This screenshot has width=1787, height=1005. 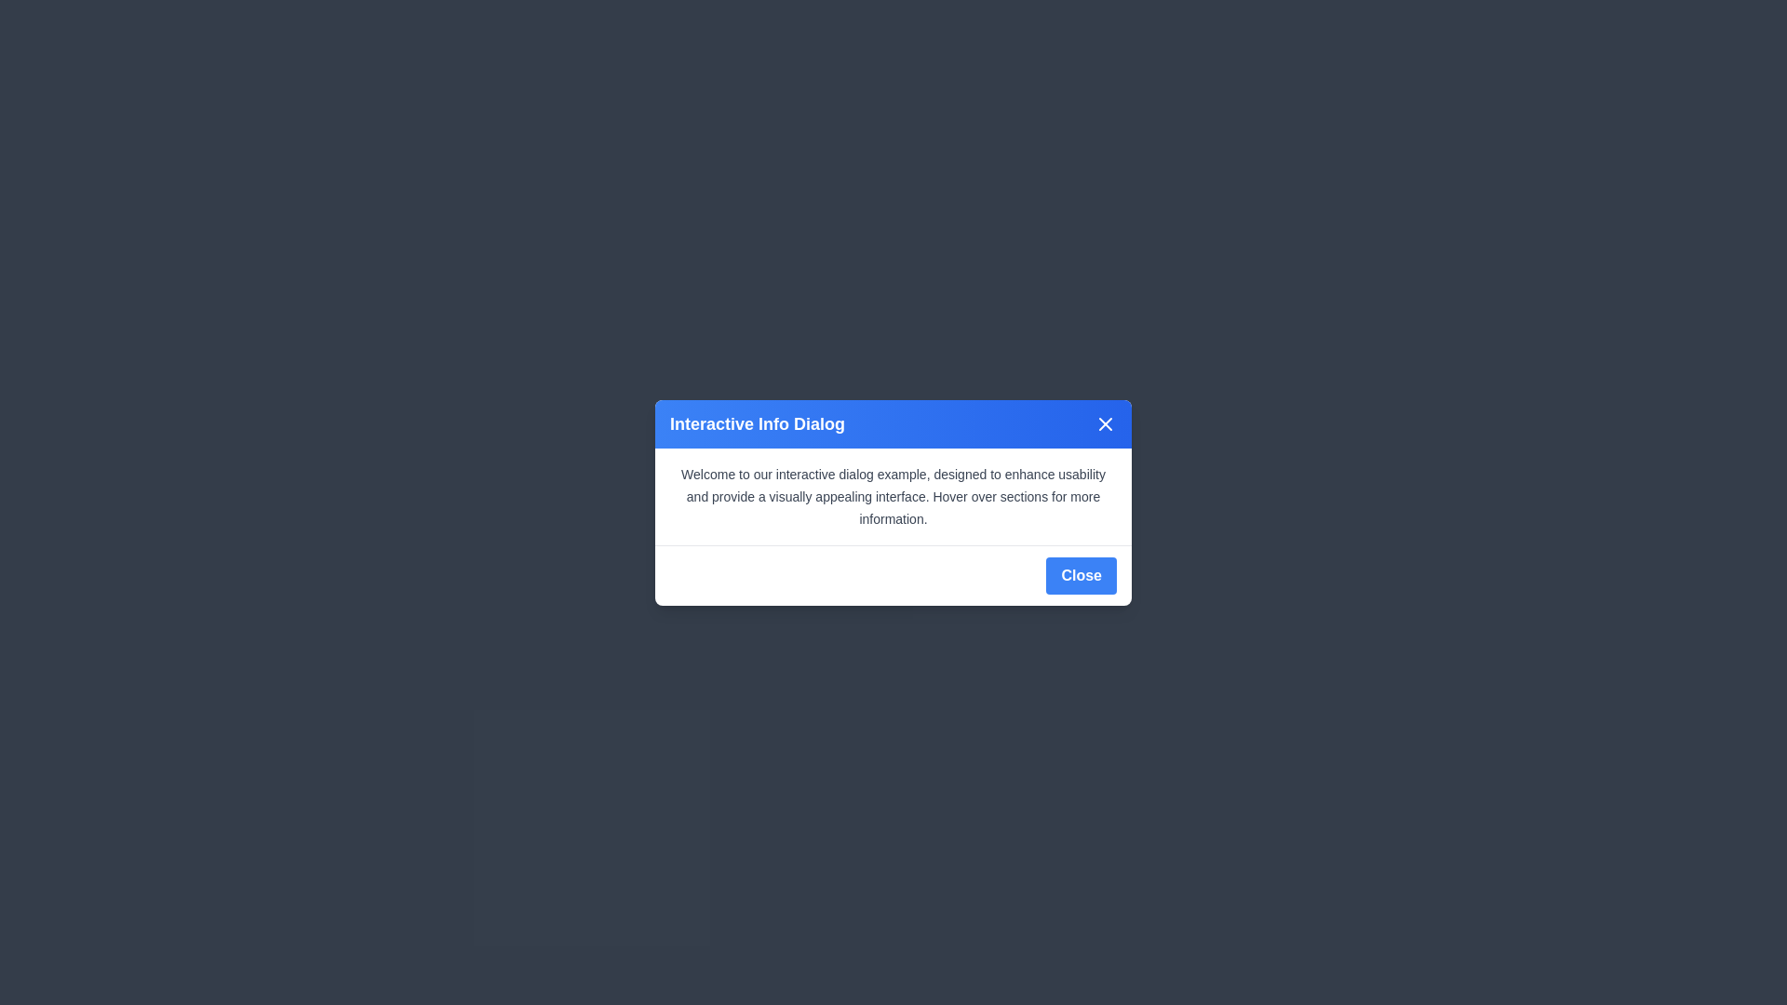 What do you see at coordinates (893, 494) in the screenshot?
I see `the section titled main text to reveal additional information` at bounding box center [893, 494].